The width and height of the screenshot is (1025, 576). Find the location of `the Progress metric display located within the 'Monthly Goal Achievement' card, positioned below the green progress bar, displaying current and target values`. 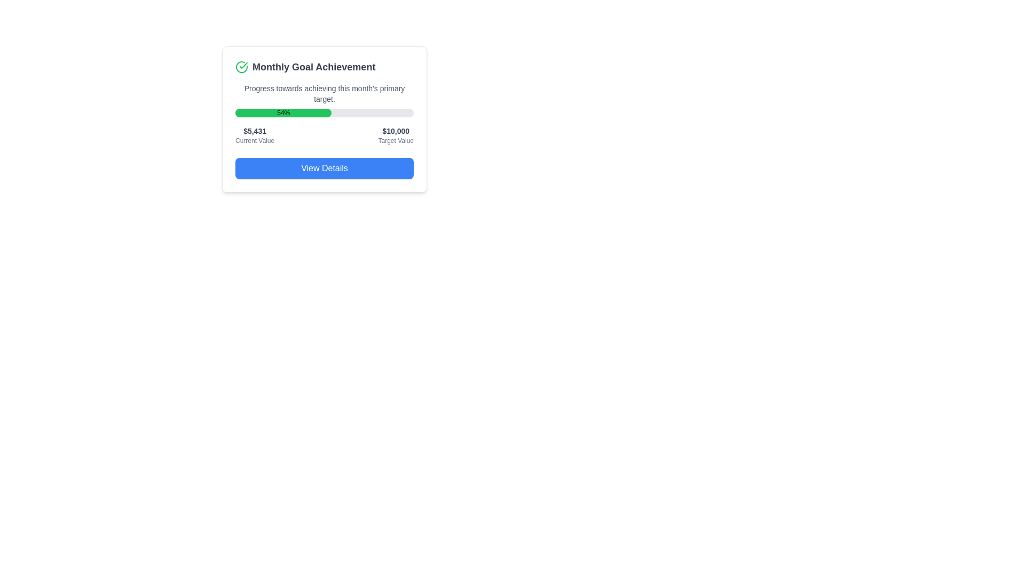

the Progress metric display located within the 'Monthly Goal Achievement' card, positioned below the green progress bar, displaying current and target values is located at coordinates (324, 135).